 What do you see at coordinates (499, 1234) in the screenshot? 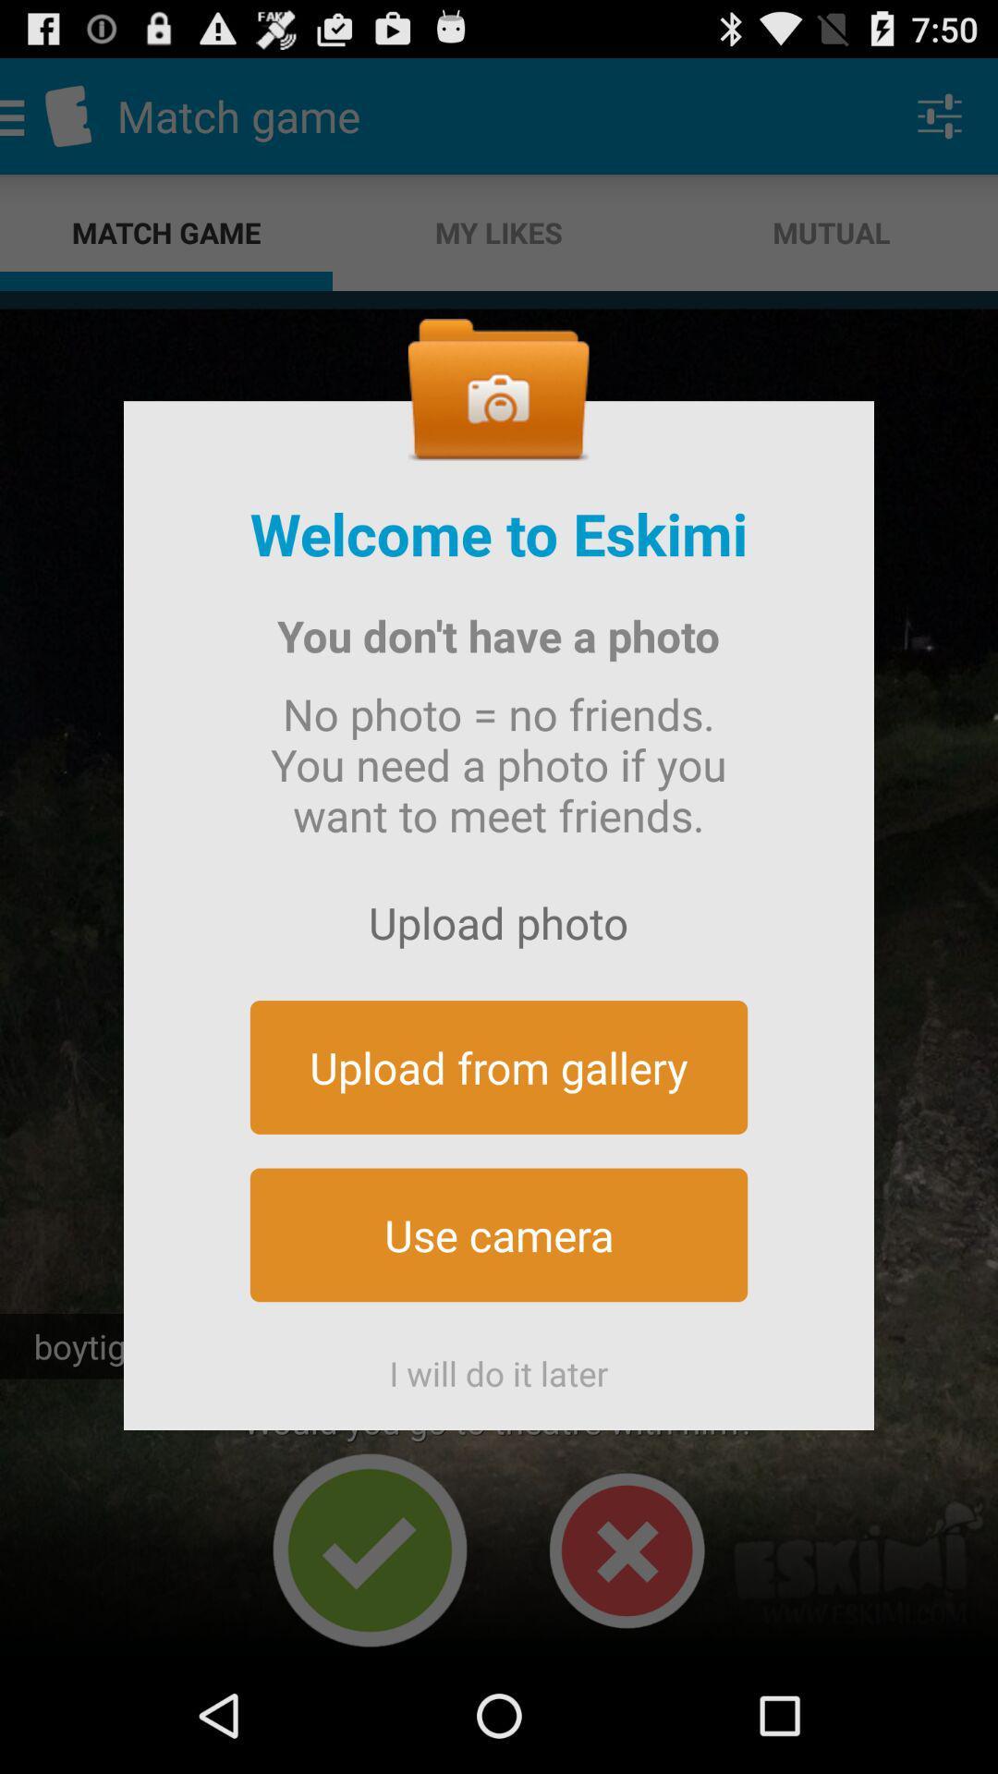
I see `the use camera icon` at bounding box center [499, 1234].